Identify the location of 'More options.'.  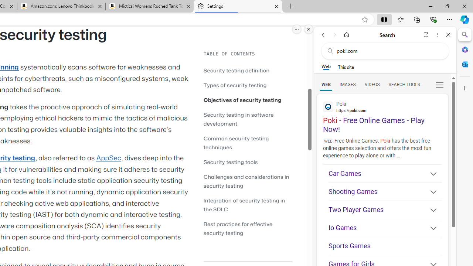
(297, 29).